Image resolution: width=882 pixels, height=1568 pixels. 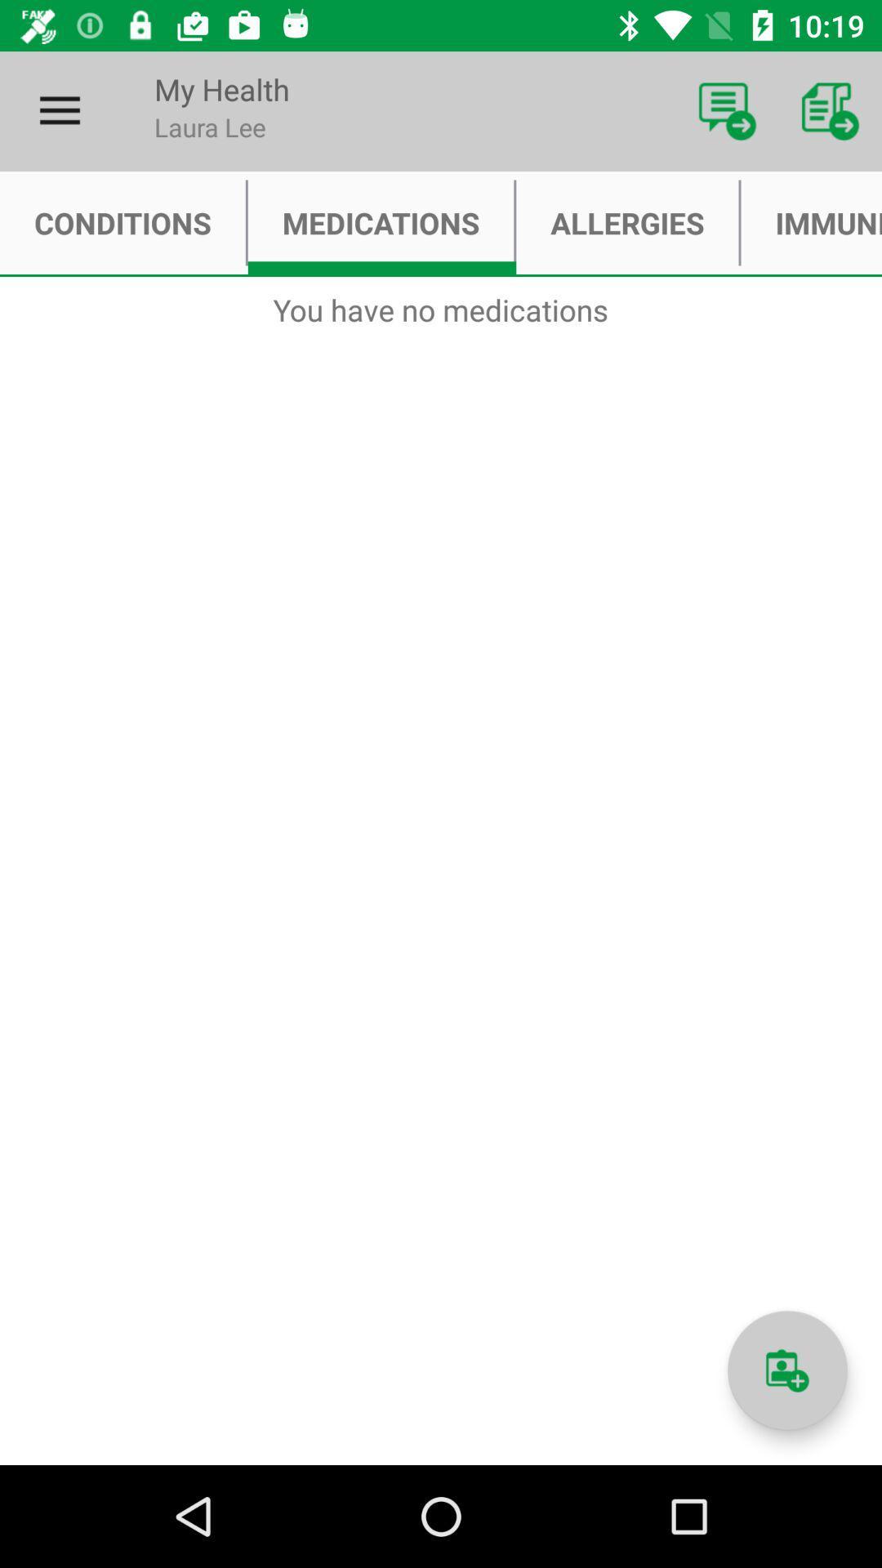 What do you see at coordinates (727, 110) in the screenshot?
I see `icon to the right of the my health` at bounding box center [727, 110].